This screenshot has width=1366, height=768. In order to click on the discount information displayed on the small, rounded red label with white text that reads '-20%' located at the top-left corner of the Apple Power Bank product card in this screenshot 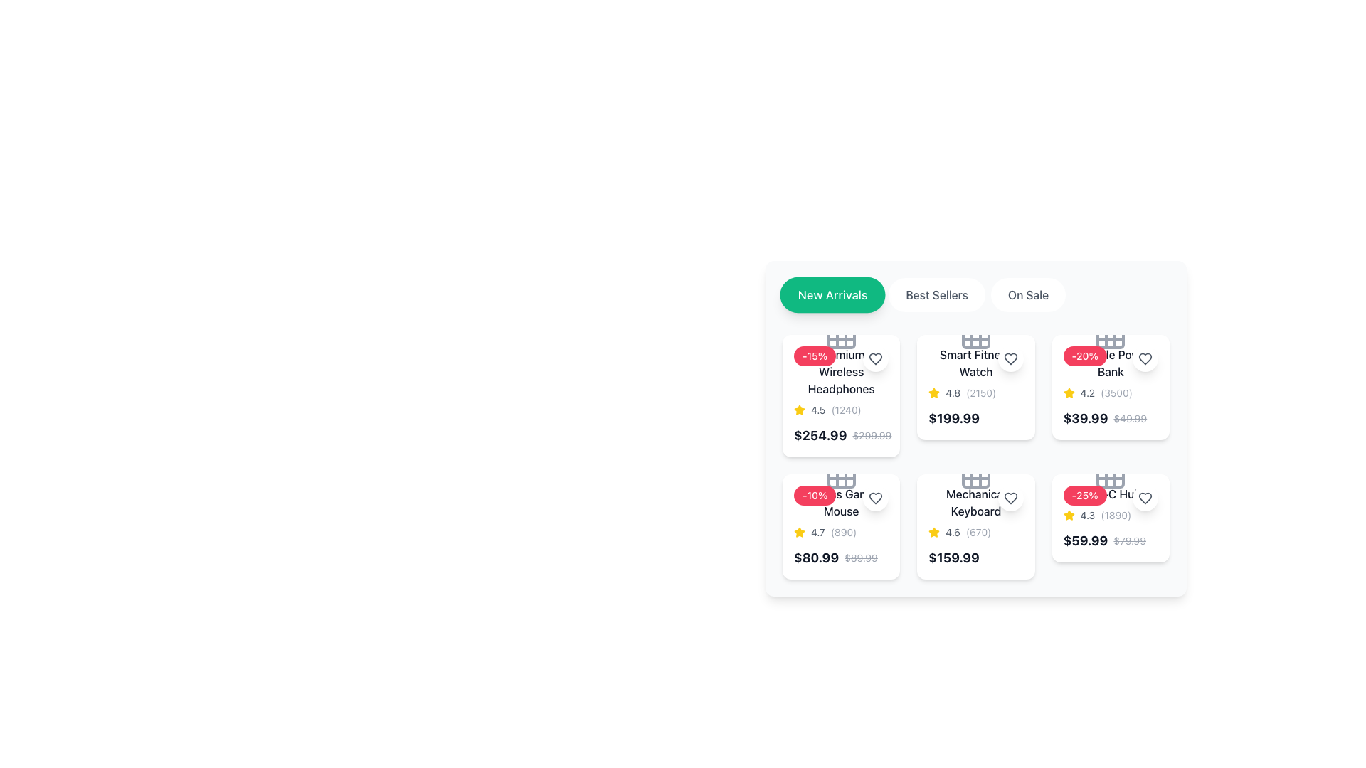, I will do `click(1084, 356)`.